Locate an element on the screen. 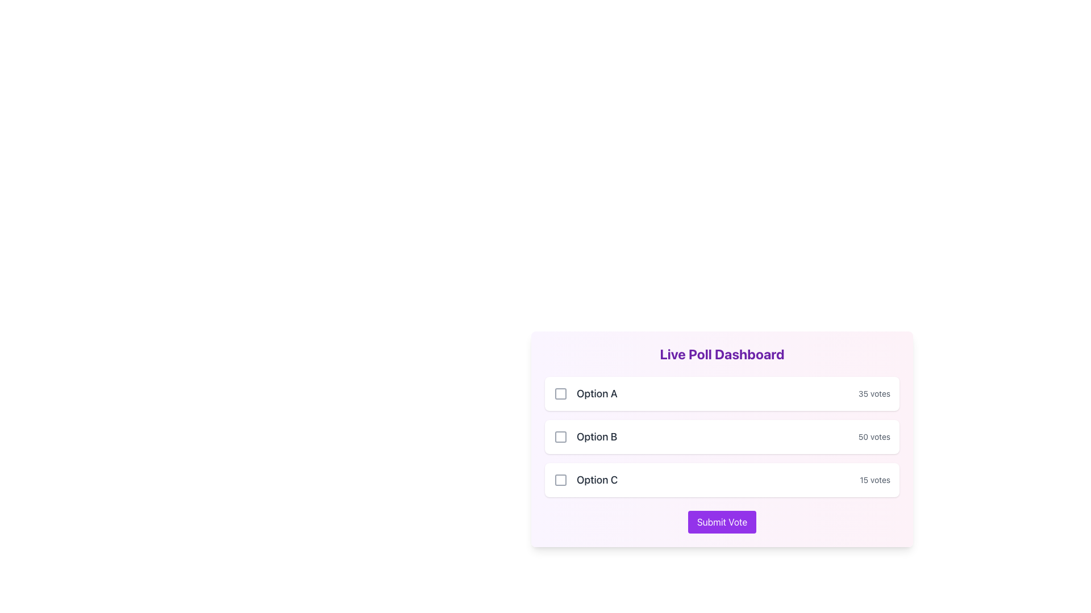 The image size is (1091, 613). the checkbox styled in gray tone located to the left of the text label 'Option A' is located at coordinates (561, 393).